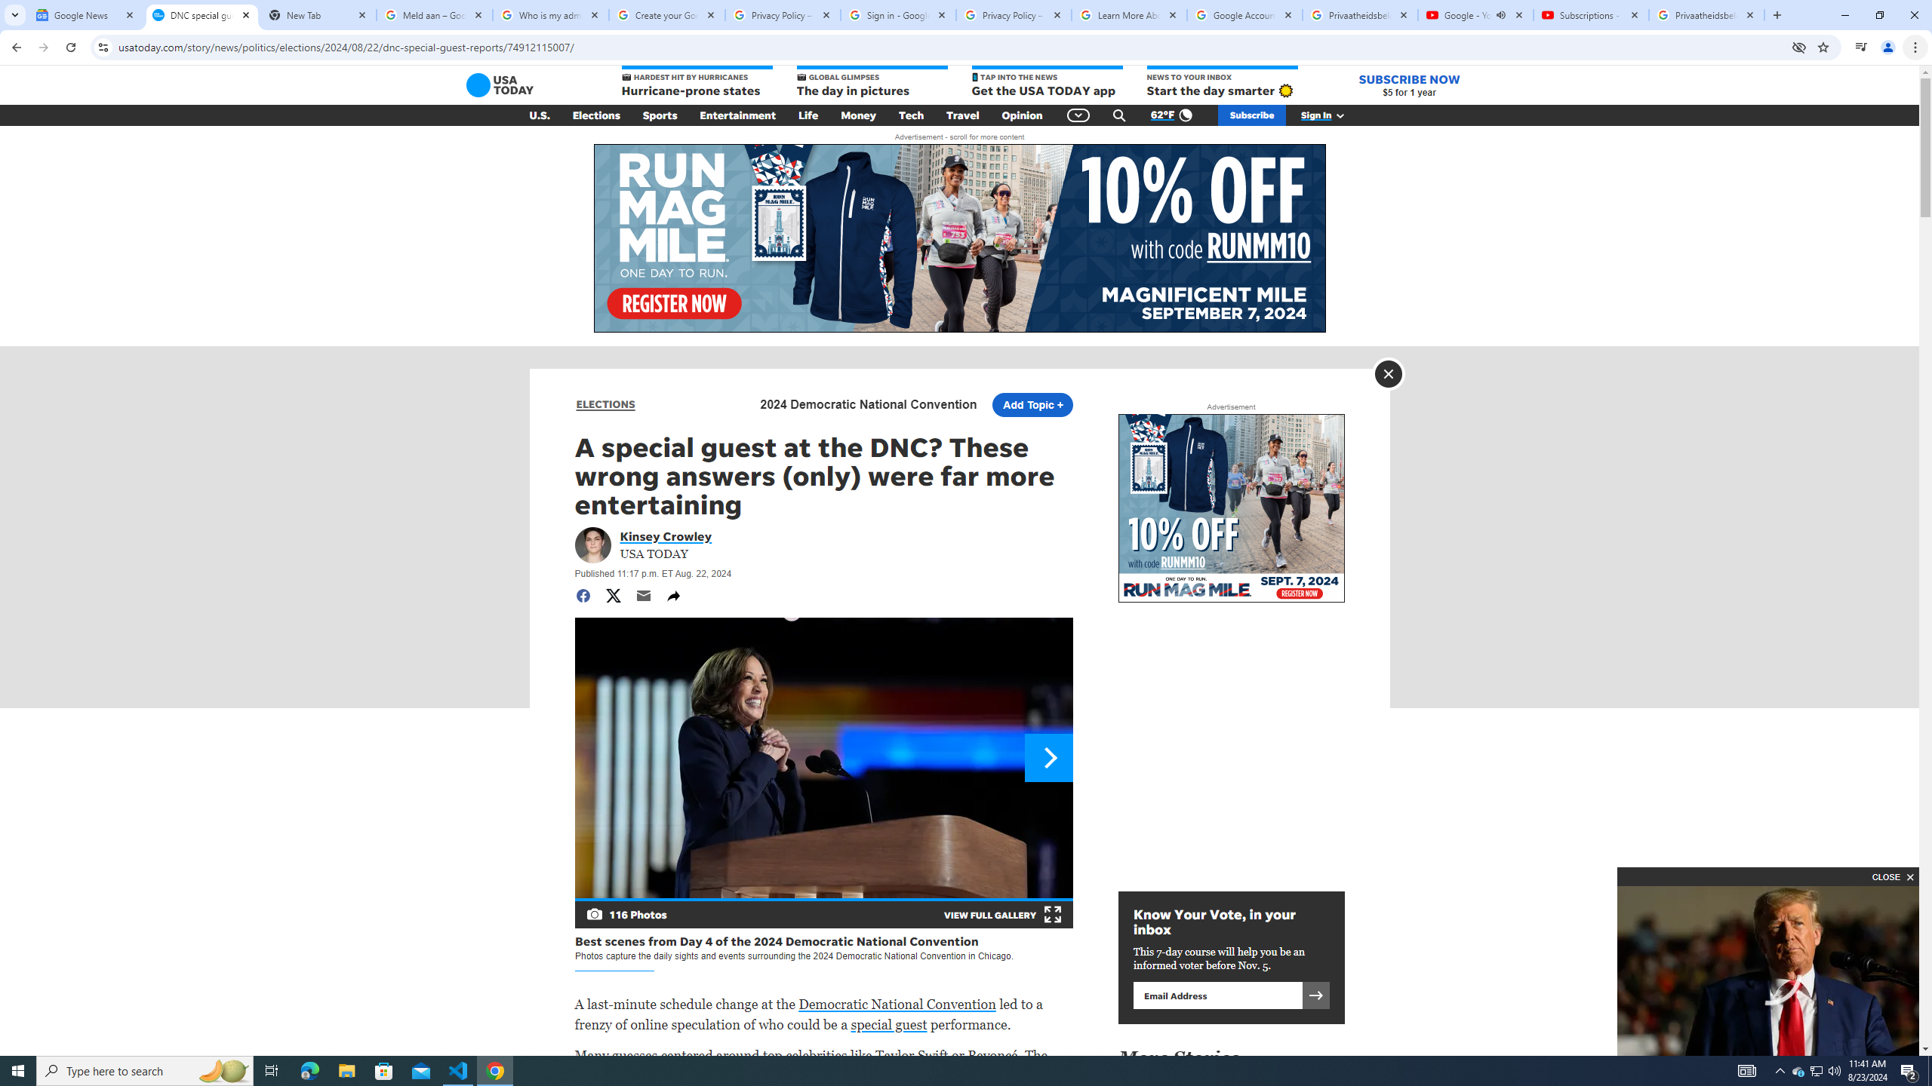  Describe the element at coordinates (858, 115) in the screenshot. I see `'Money'` at that location.